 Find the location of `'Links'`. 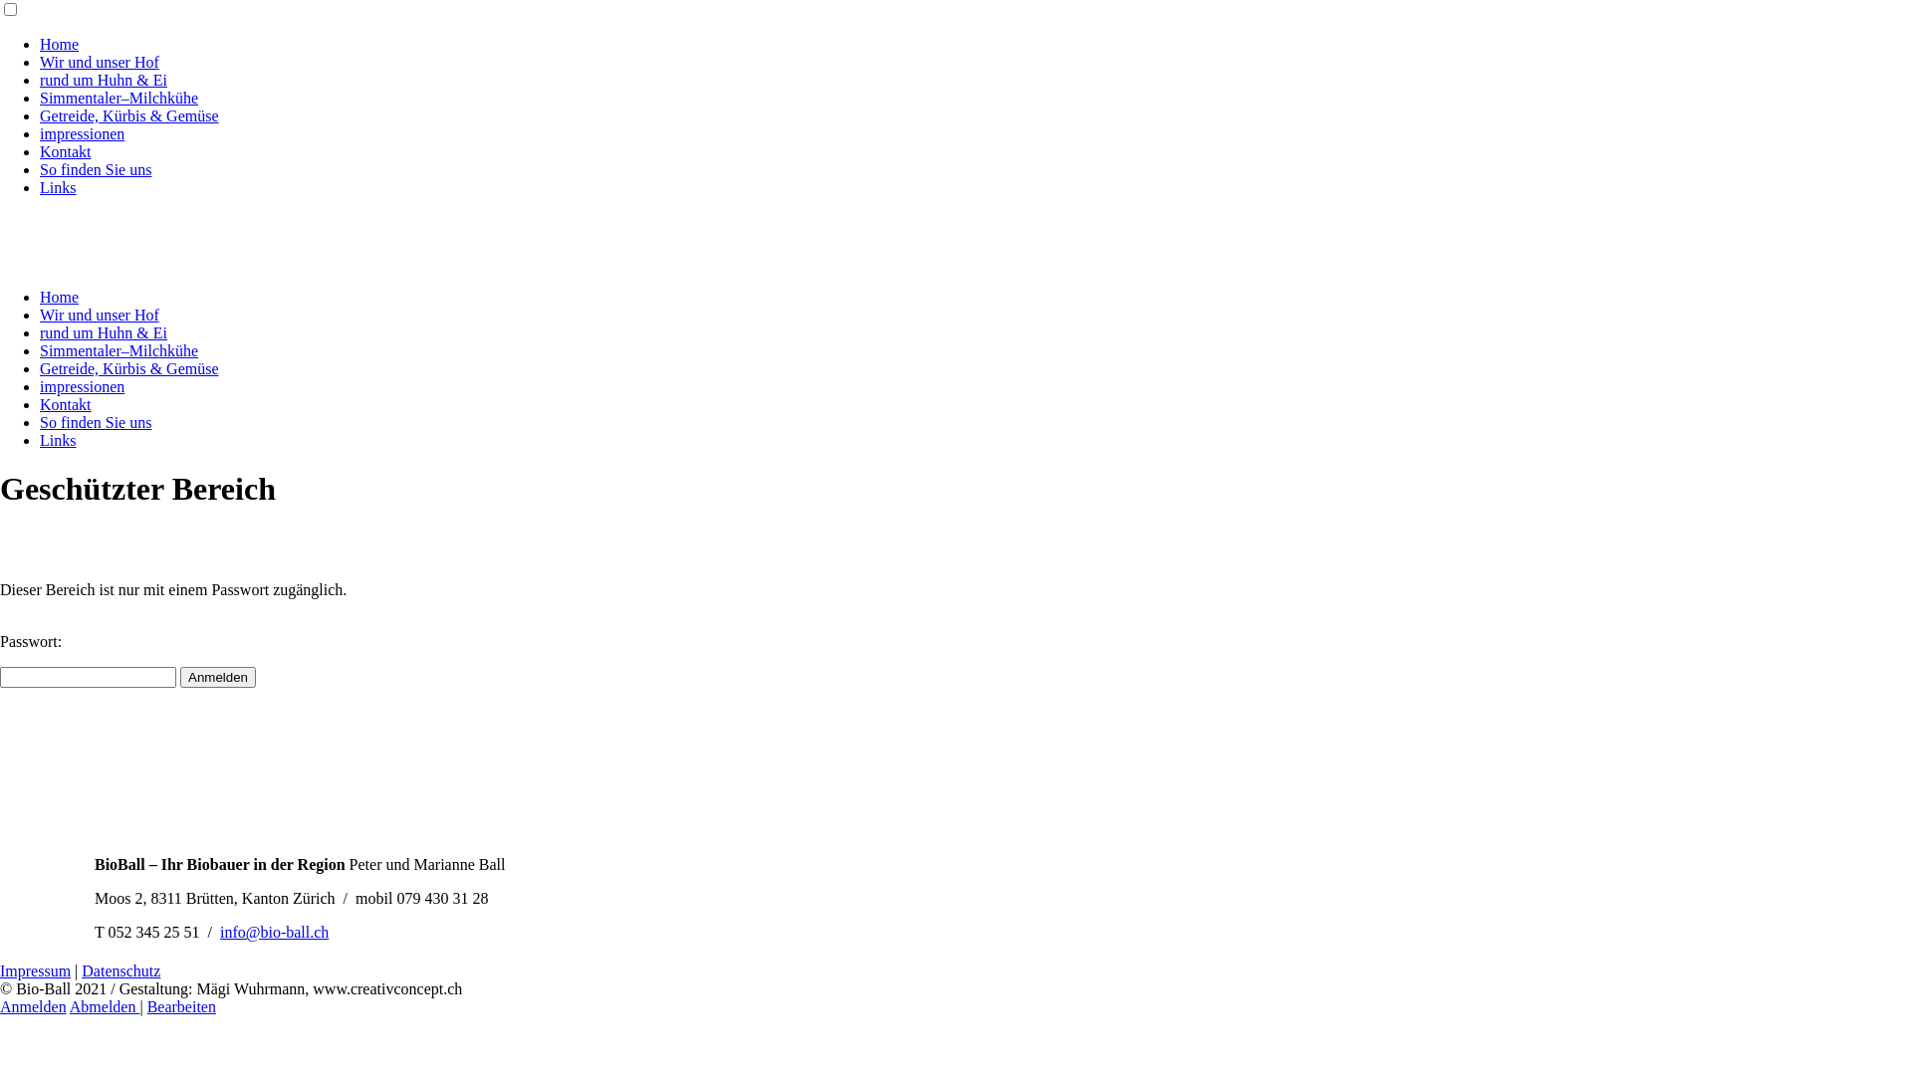

'Links' is located at coordinates (39, 187).